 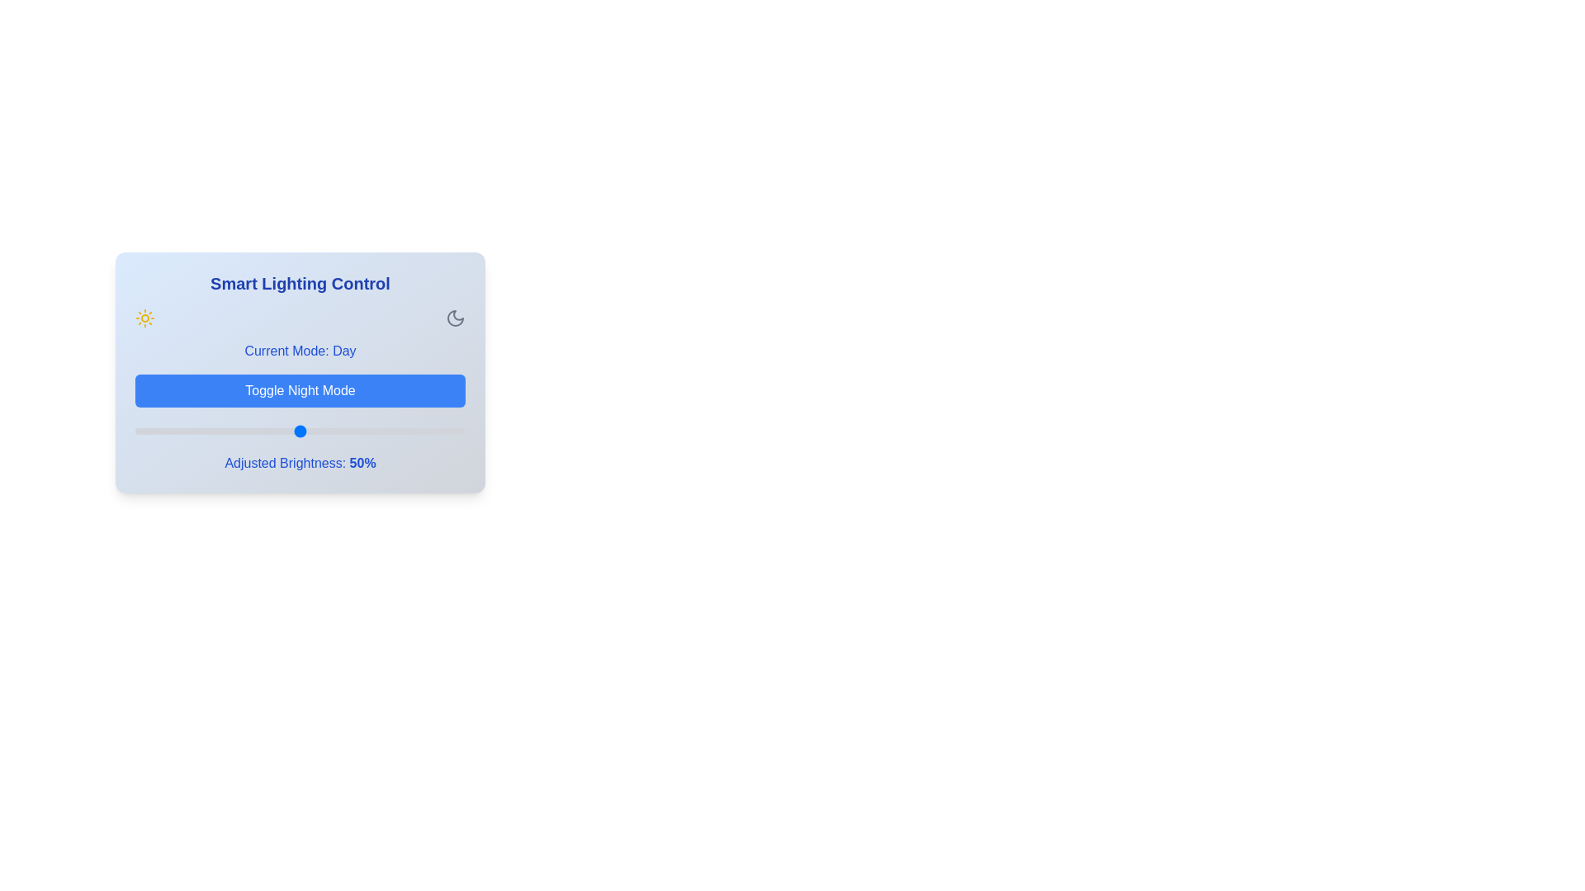 I want to click on the static text label indicating the current mode of the application, which shows 'Day' mode, so click(x=343, y=350).